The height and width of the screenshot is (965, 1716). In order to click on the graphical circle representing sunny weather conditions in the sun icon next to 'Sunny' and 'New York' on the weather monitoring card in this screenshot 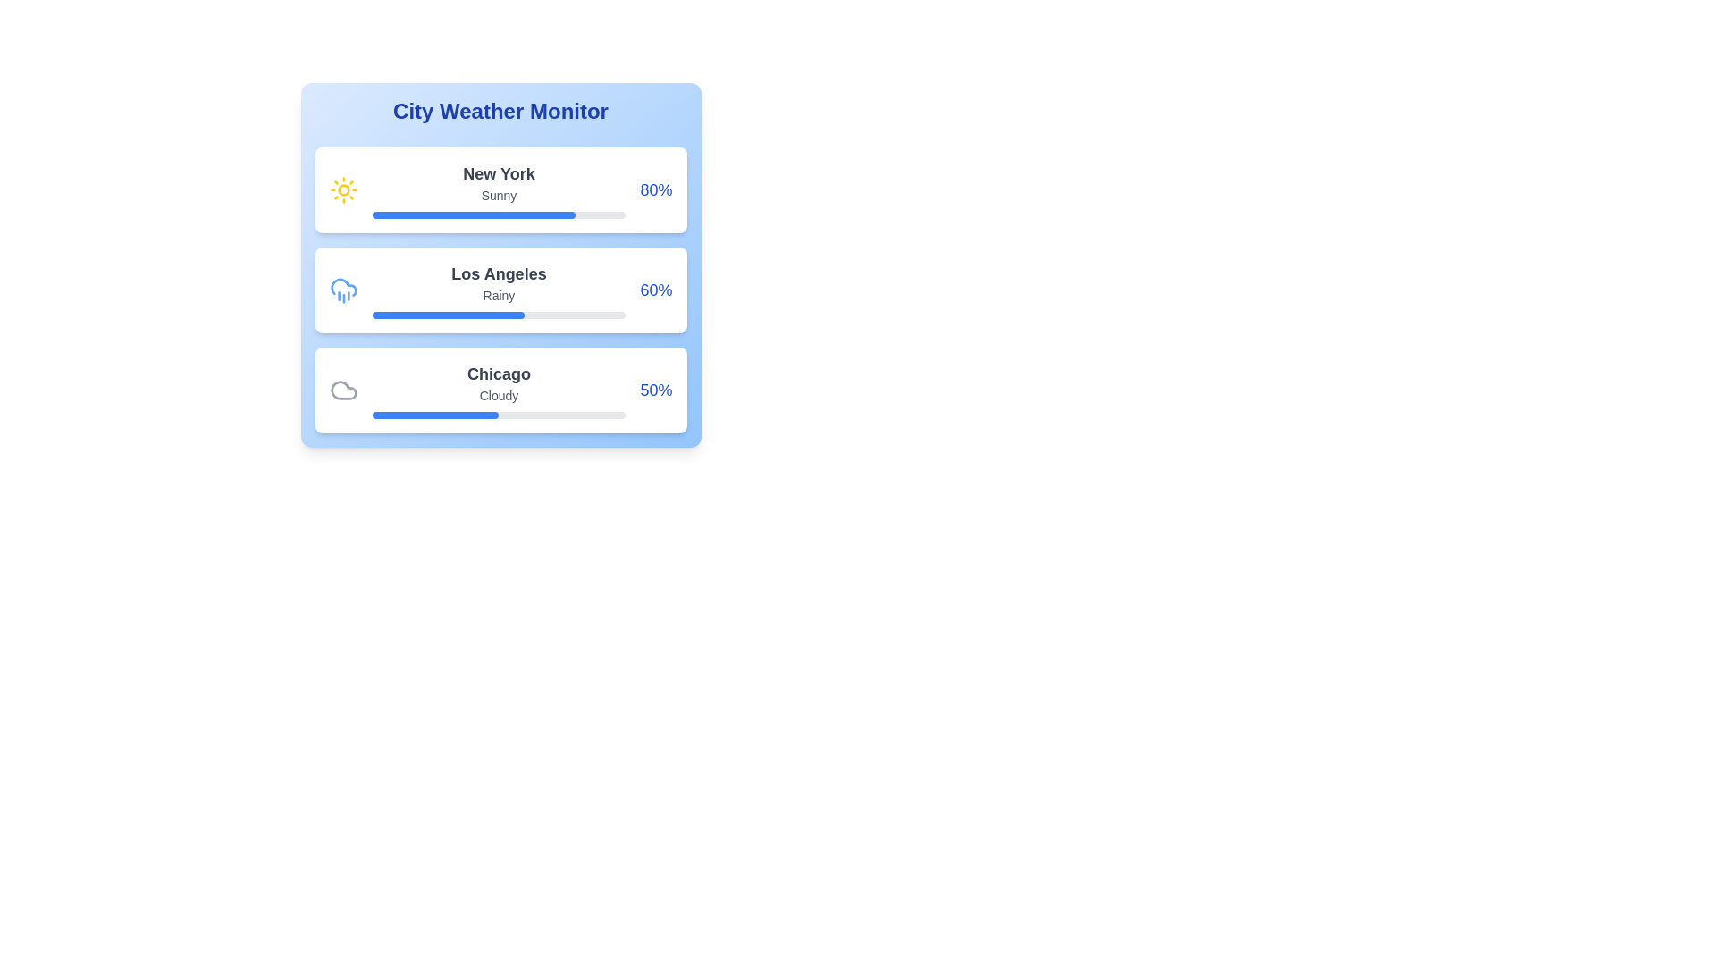, I will do `click(343, 189)`.